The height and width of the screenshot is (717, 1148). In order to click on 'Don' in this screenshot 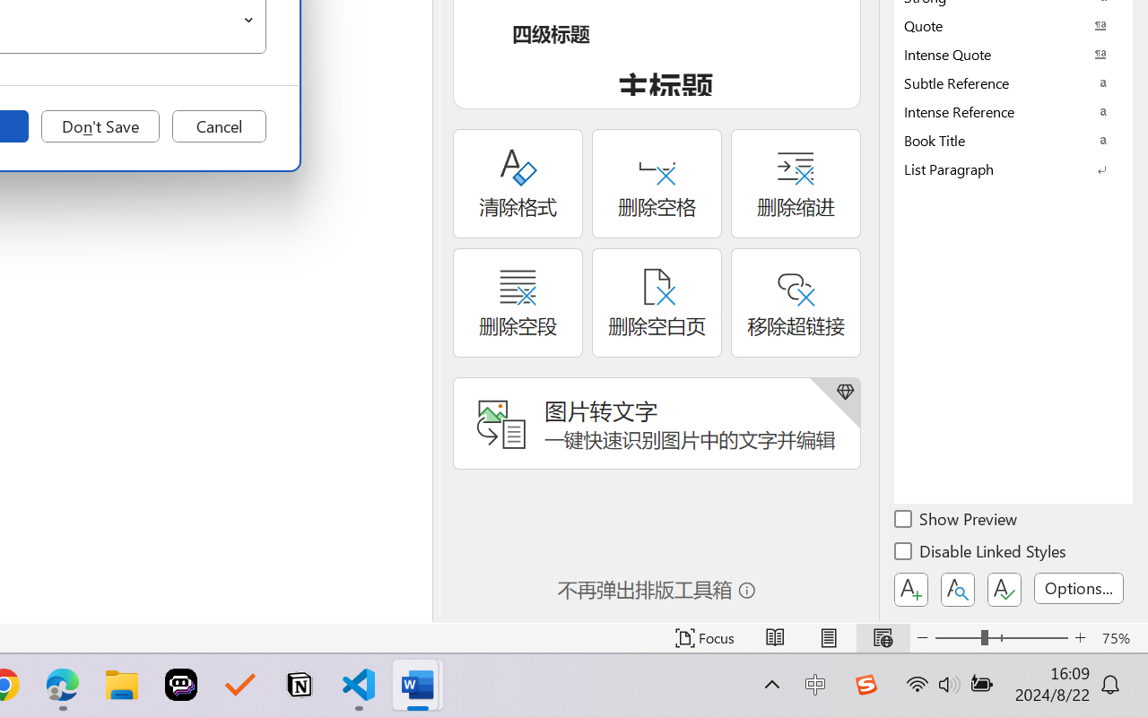, I will do `click(100, 126)`.